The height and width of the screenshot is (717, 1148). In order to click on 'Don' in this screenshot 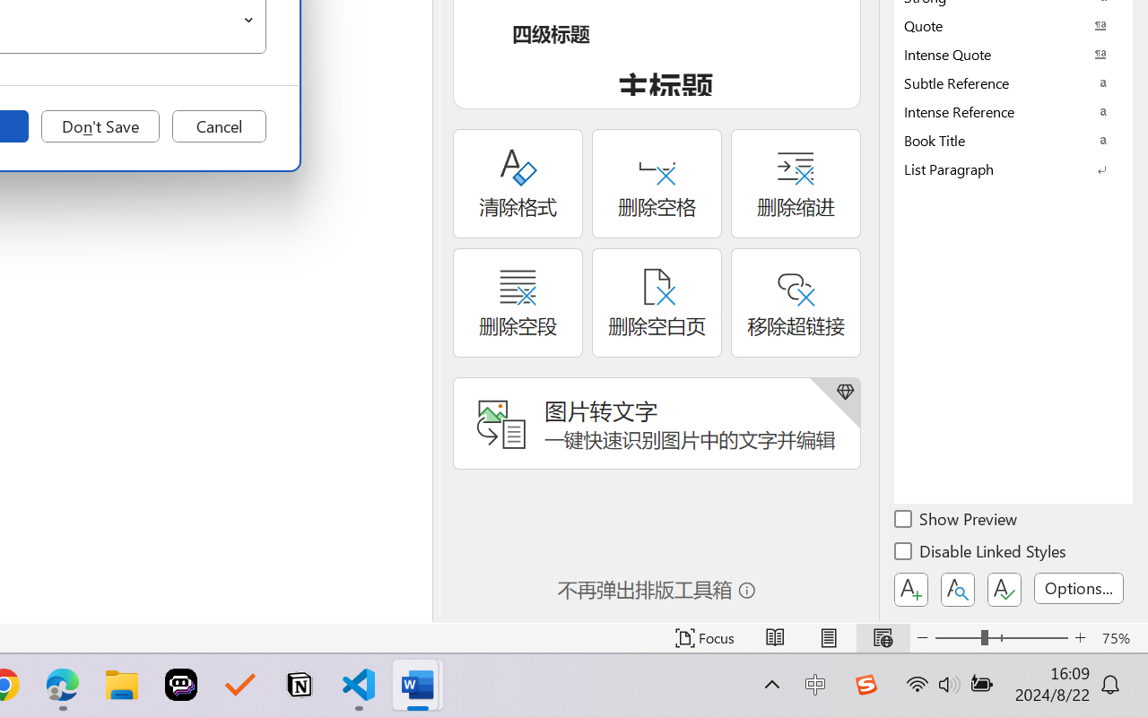, I will do `click(100, 126)`.